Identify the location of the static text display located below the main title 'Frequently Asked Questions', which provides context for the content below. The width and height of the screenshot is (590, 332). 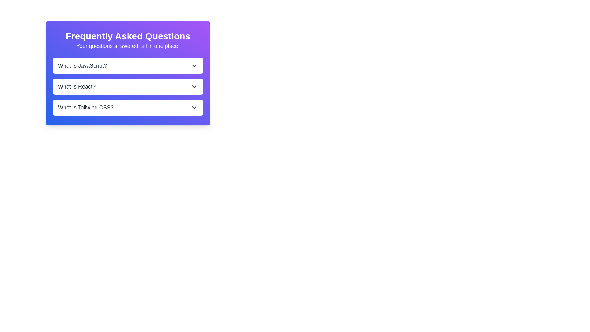
(128, 46).